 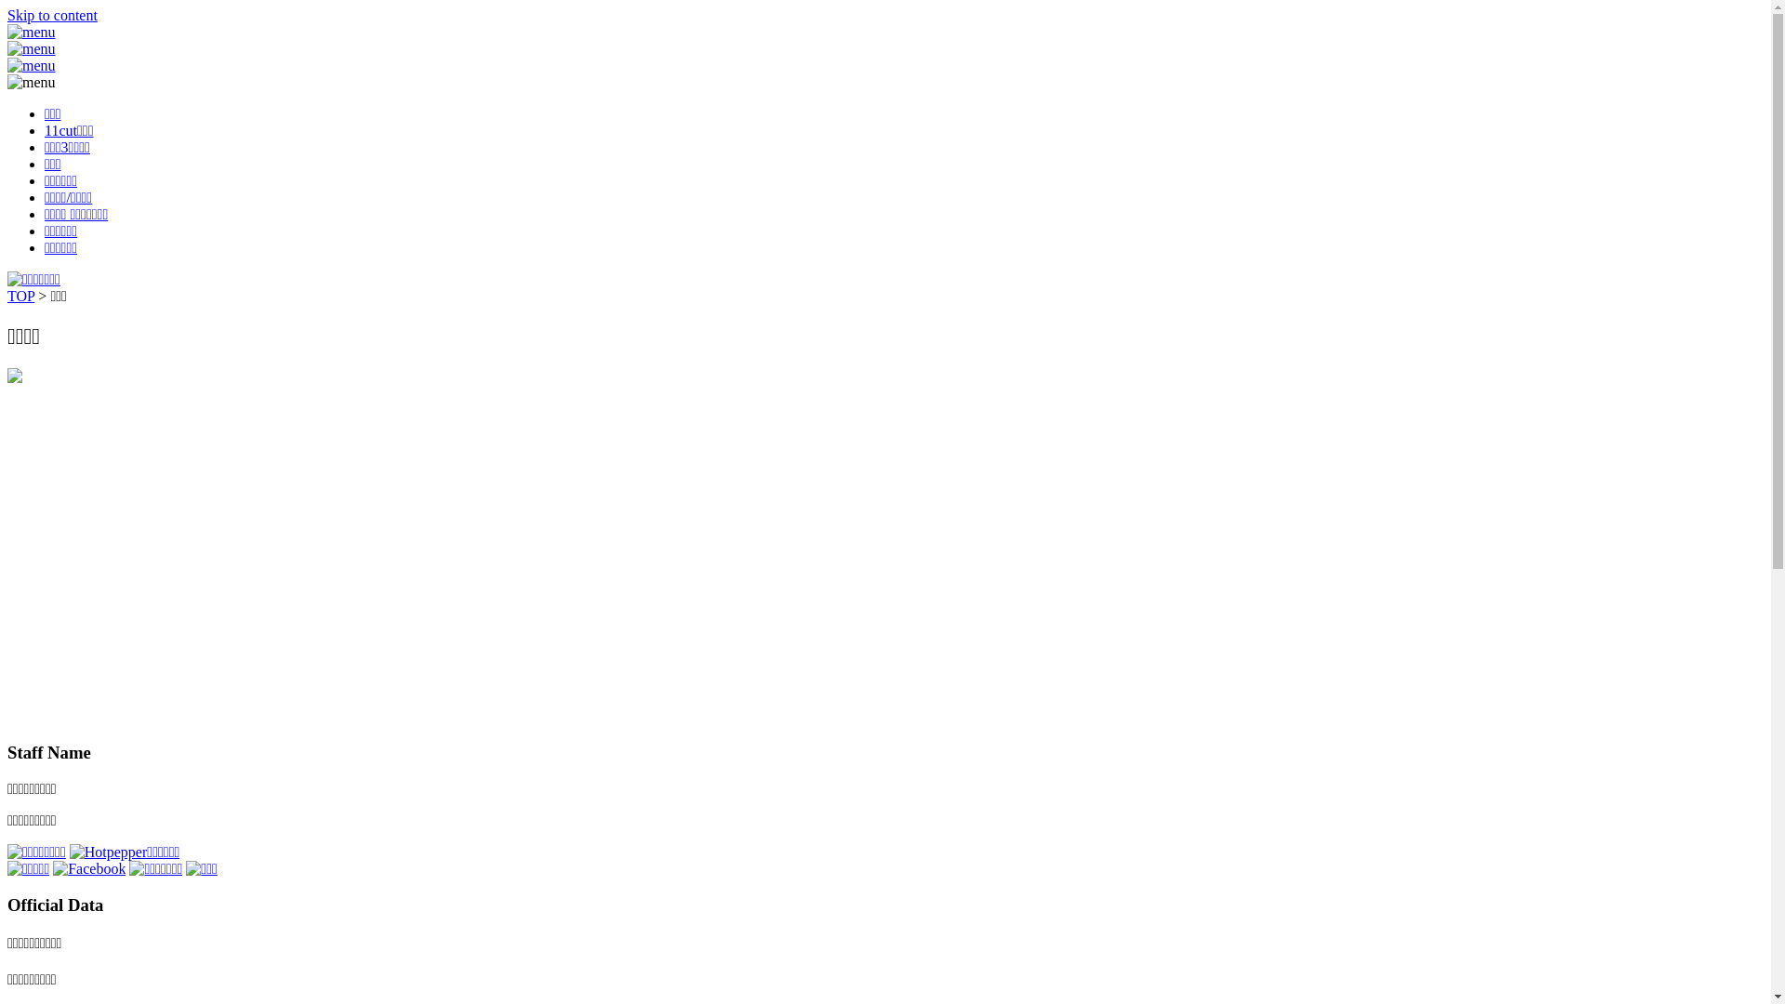 I want to click on 'Skip to content', so click(x=52, y=15).